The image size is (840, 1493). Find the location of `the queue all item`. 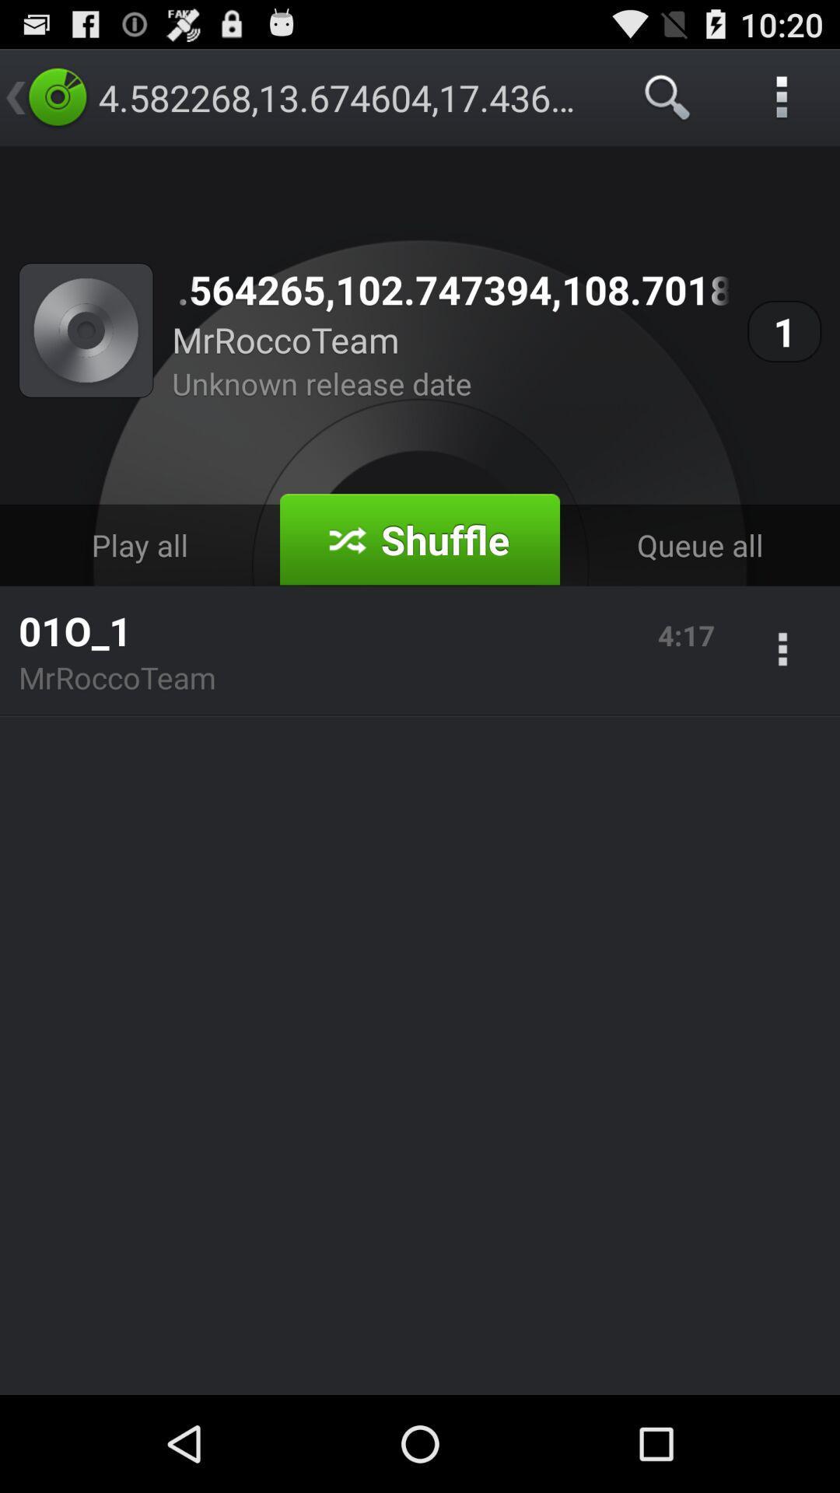

the queue all item is located at coordinates (698, 545).